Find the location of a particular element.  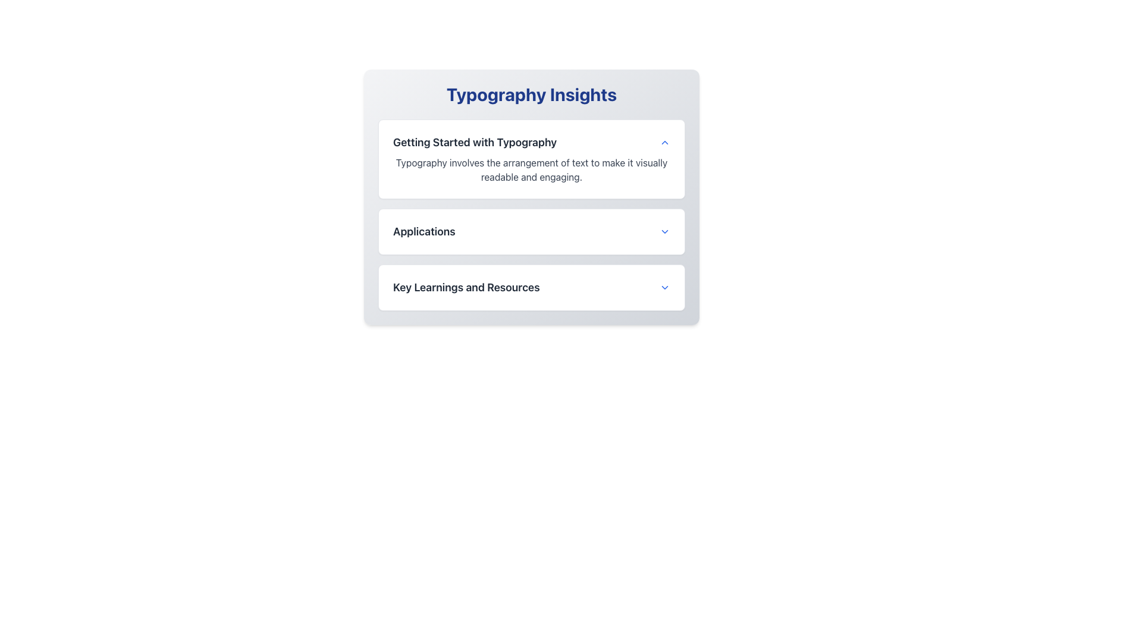

the icon-based toggle button located at the right end of the section header bar titled 'Getting Started with Typography' is located at coordinates (664, 141).